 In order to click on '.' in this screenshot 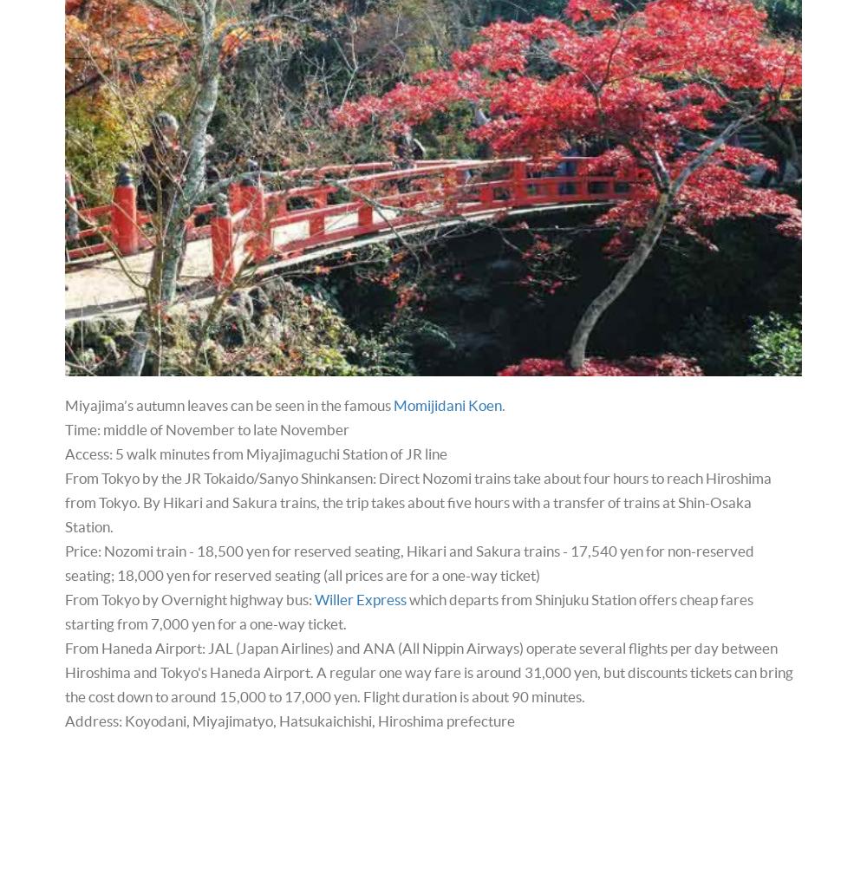, I will do `click(501, 404)`.